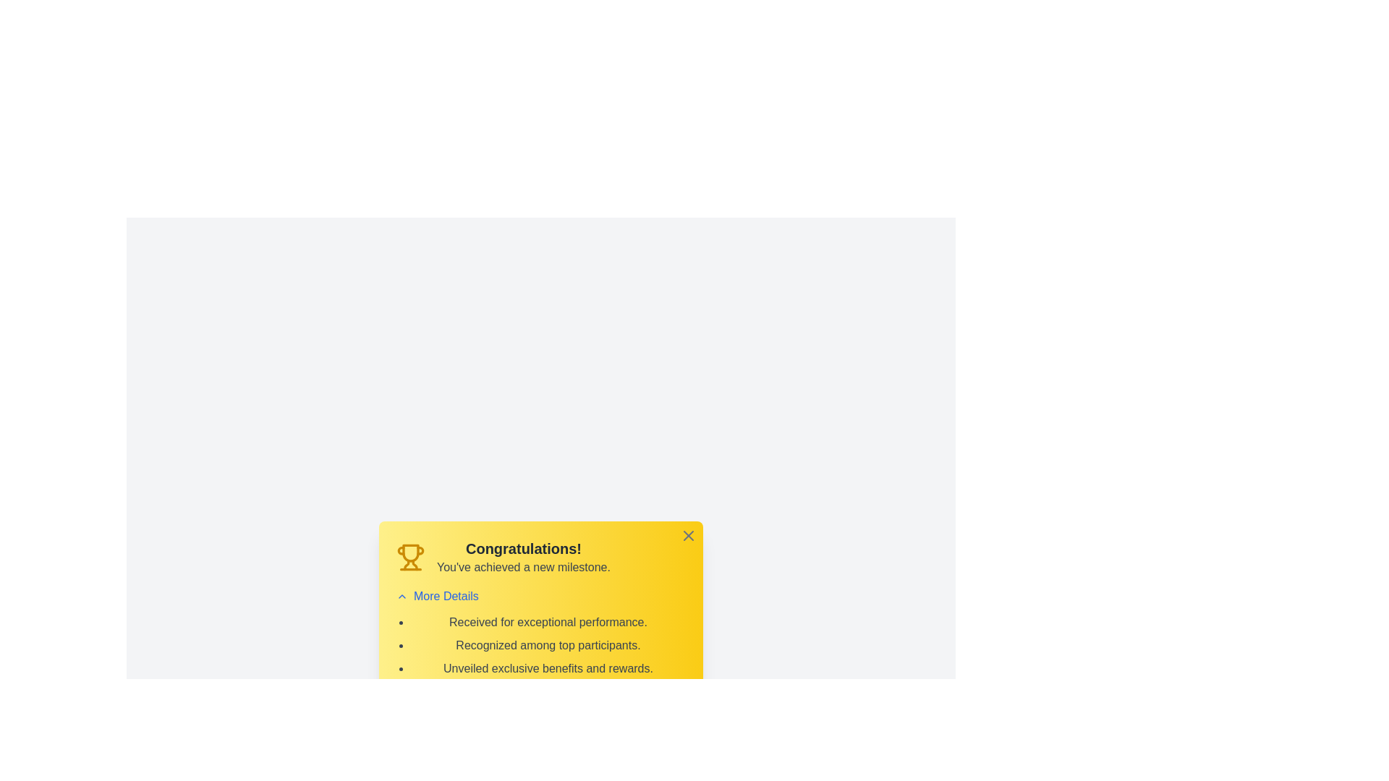  Describe the element at coordinates (522, 549) in the screenshot. I see `the alert's title and description text to emphasize their content` at that location.